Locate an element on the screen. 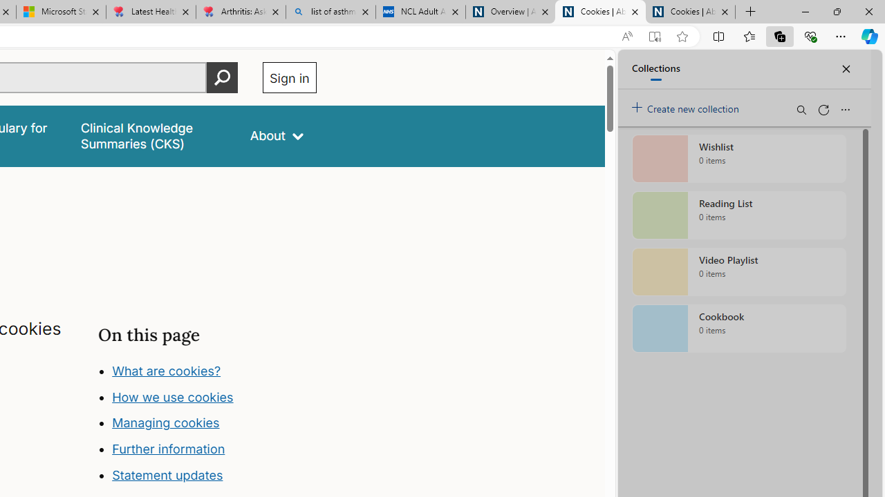  'list of asthma inhalers uk - Search' is located at coordinates (330, 12).